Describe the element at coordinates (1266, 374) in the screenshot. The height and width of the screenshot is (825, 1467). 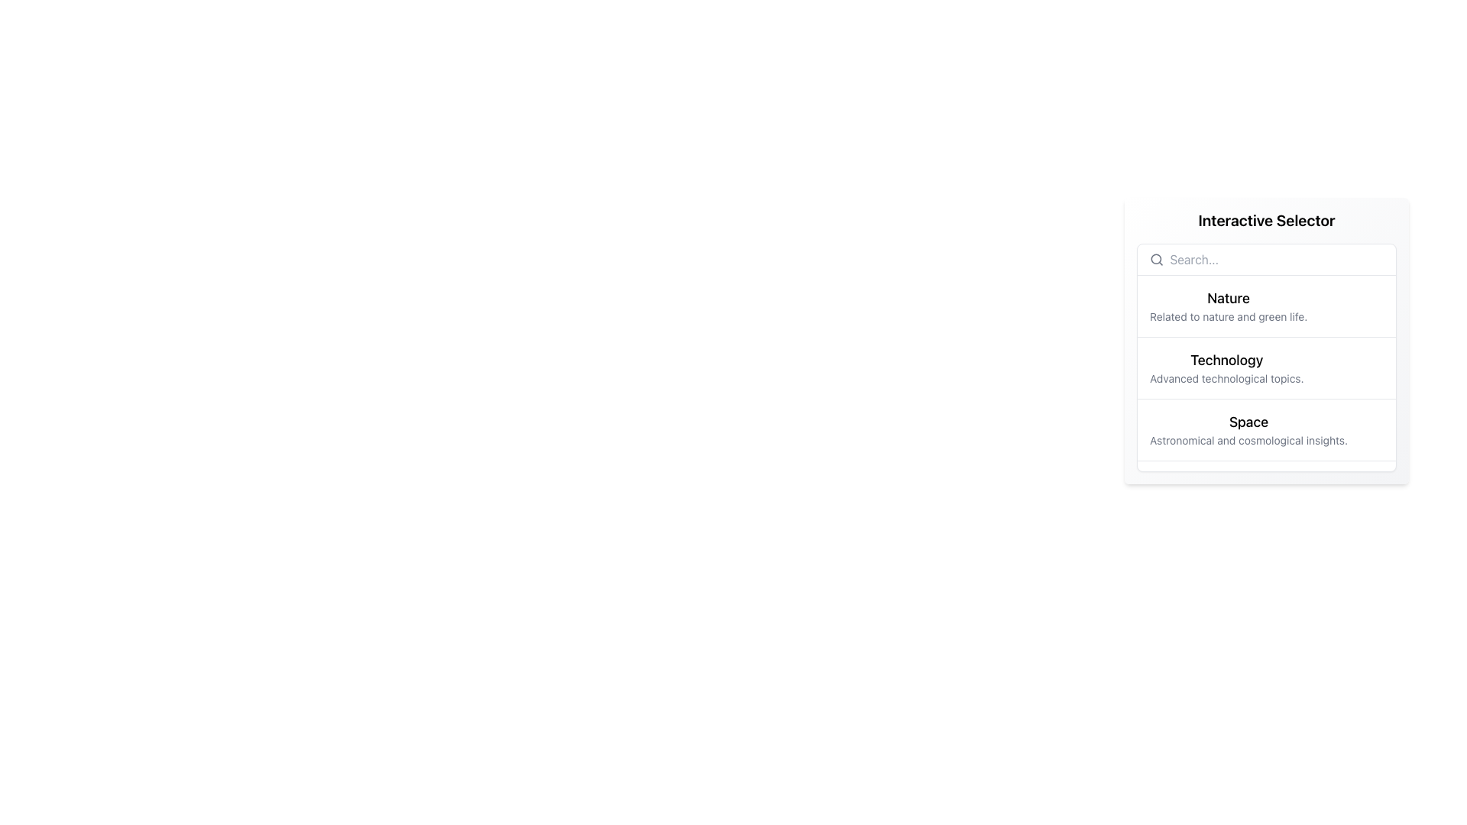
I see `the 'Technology' option in the dropdown menu` at that location.